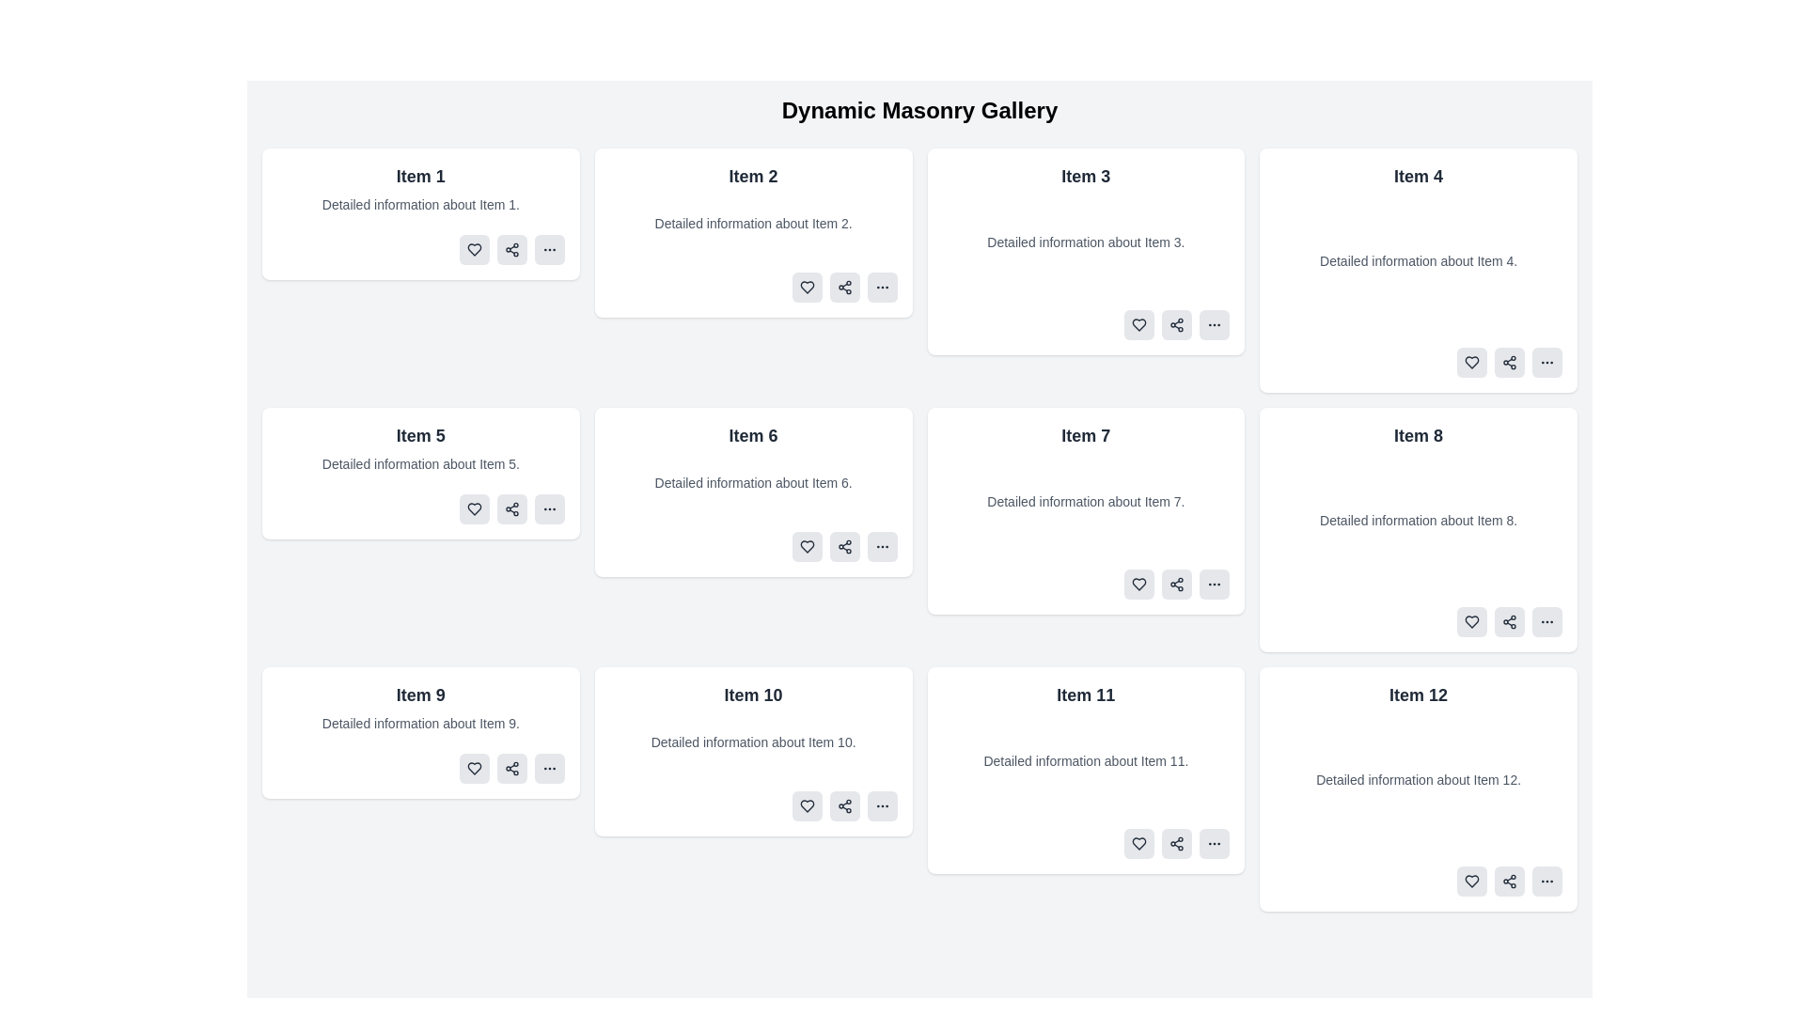 This screenshot has height=1015, width=1805. I want to click on the sharing button with a light gray background and rounded corners, located, so click(843, 547).